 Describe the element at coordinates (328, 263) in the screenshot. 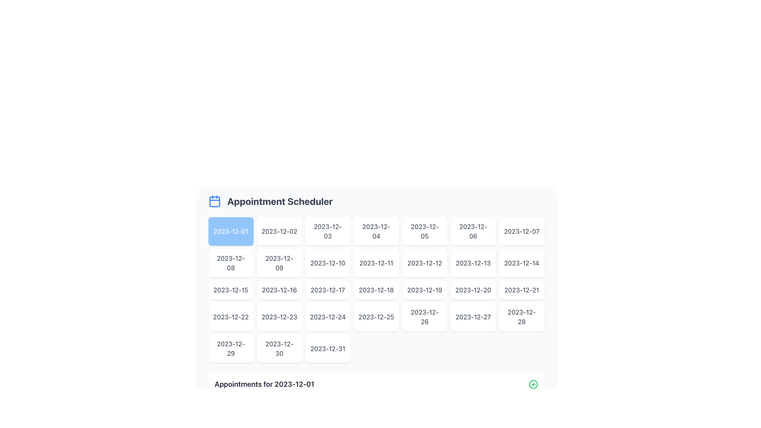

I see `the interactive date button for '2023-12-10'` at that location.